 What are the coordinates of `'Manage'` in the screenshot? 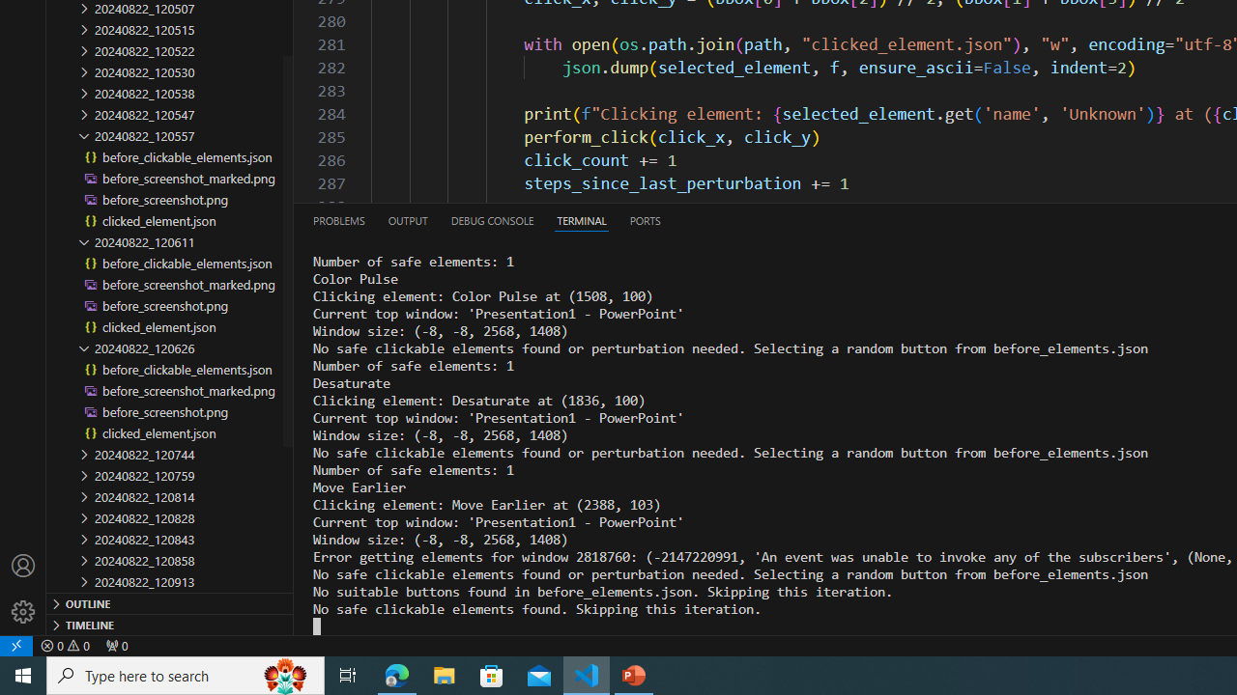 It's located at (23, 611).